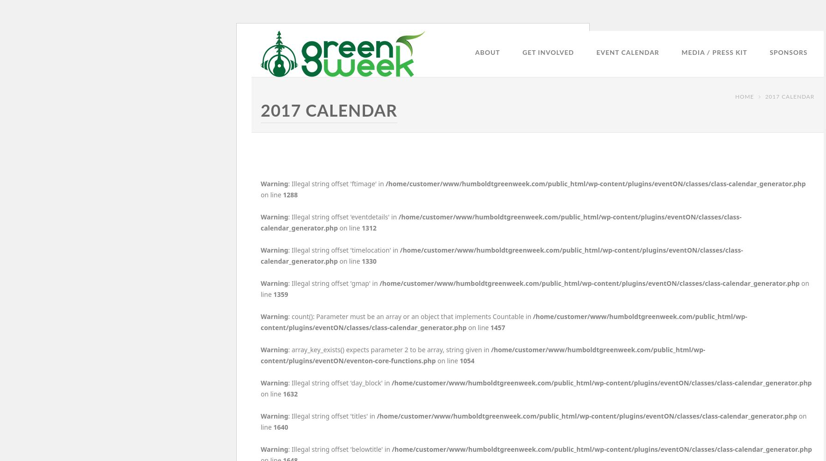 The height and width of the screenshot is (461, 826). Describe the element at coordinates (272, 427) in the screenshot. I see `'1640'` at that location.